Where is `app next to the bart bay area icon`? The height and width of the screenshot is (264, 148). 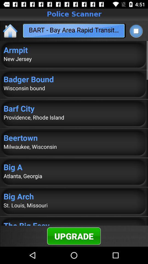 app next to the bart bay area icon is located at coordinates (136, 31).